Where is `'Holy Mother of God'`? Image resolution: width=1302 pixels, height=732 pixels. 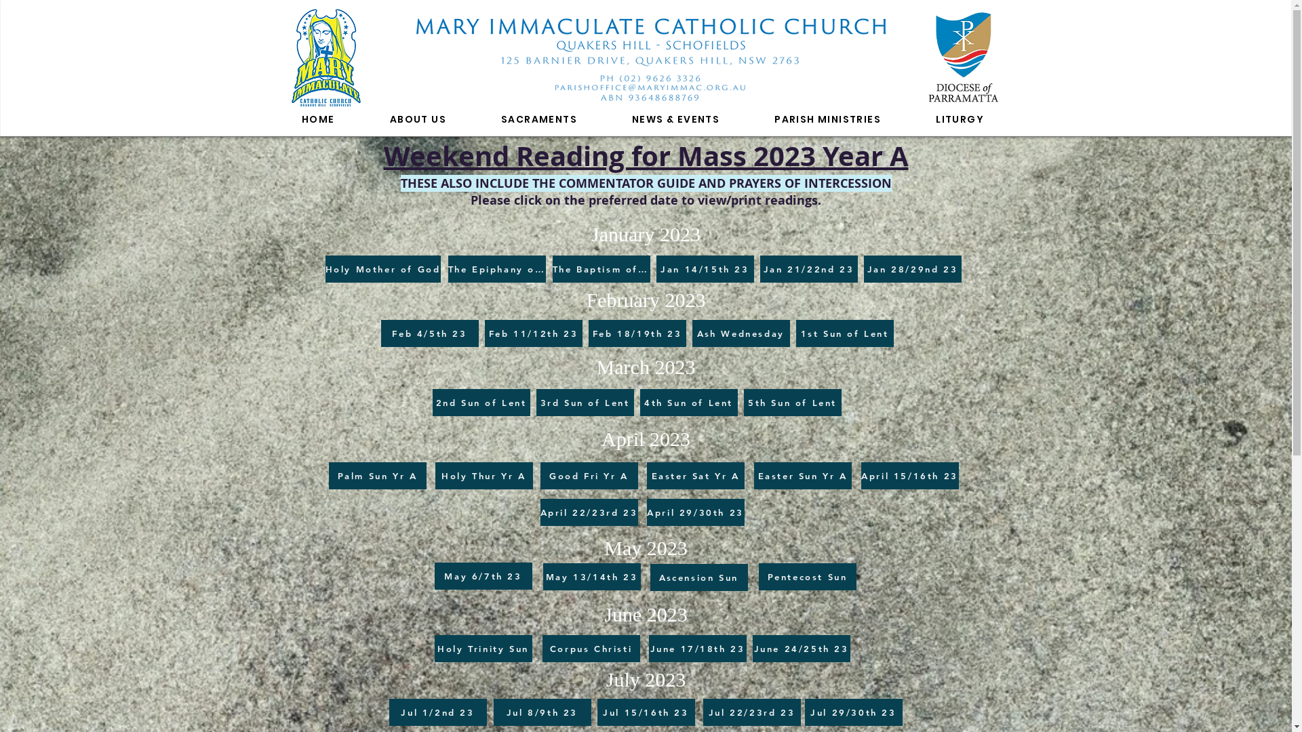 'Holy Mother of God' is located at coordinates (382, 269).